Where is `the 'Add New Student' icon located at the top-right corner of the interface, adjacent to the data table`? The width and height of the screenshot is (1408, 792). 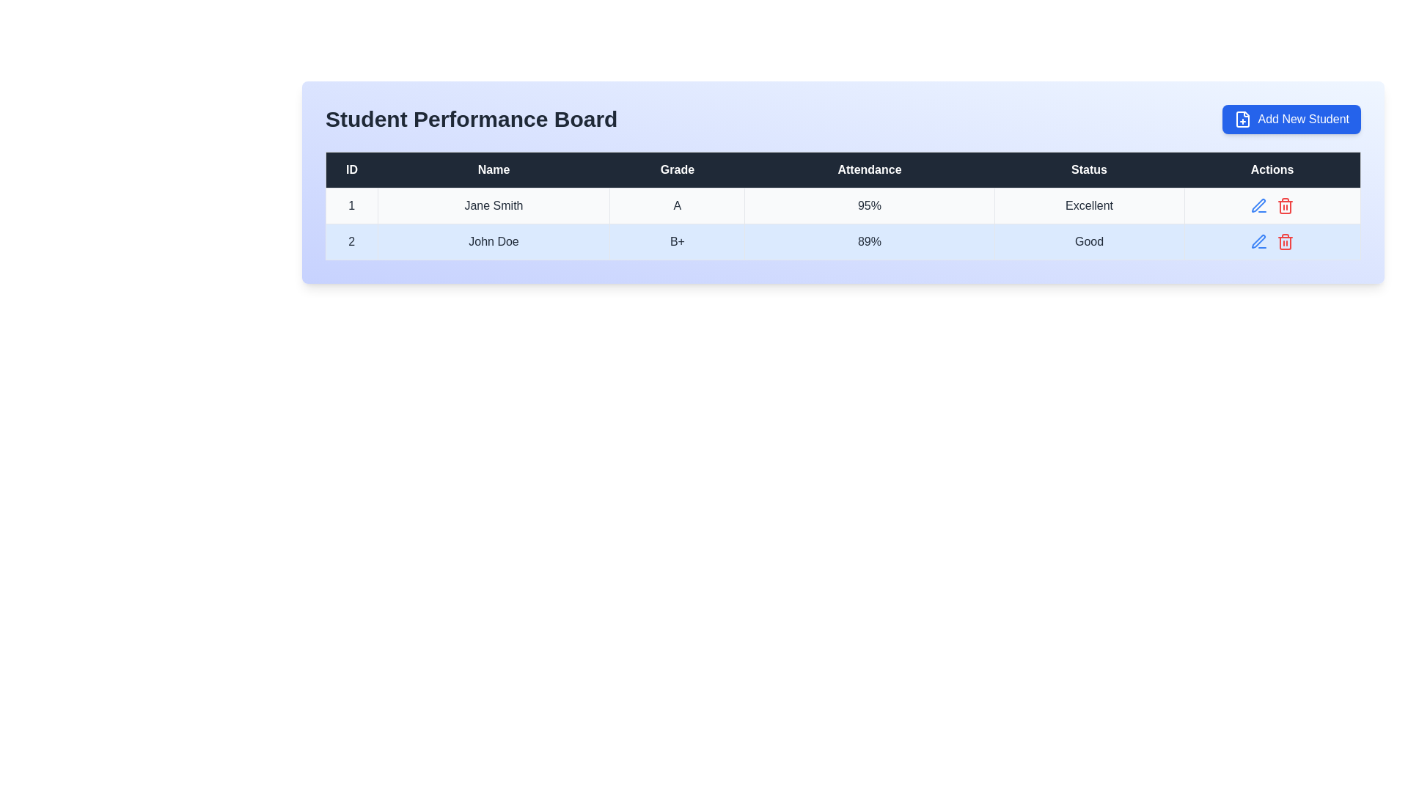
the 'Add New Student' icon located at the top-right corner of the interface, adjacent to the data table is located at coordinates (1242, 118).